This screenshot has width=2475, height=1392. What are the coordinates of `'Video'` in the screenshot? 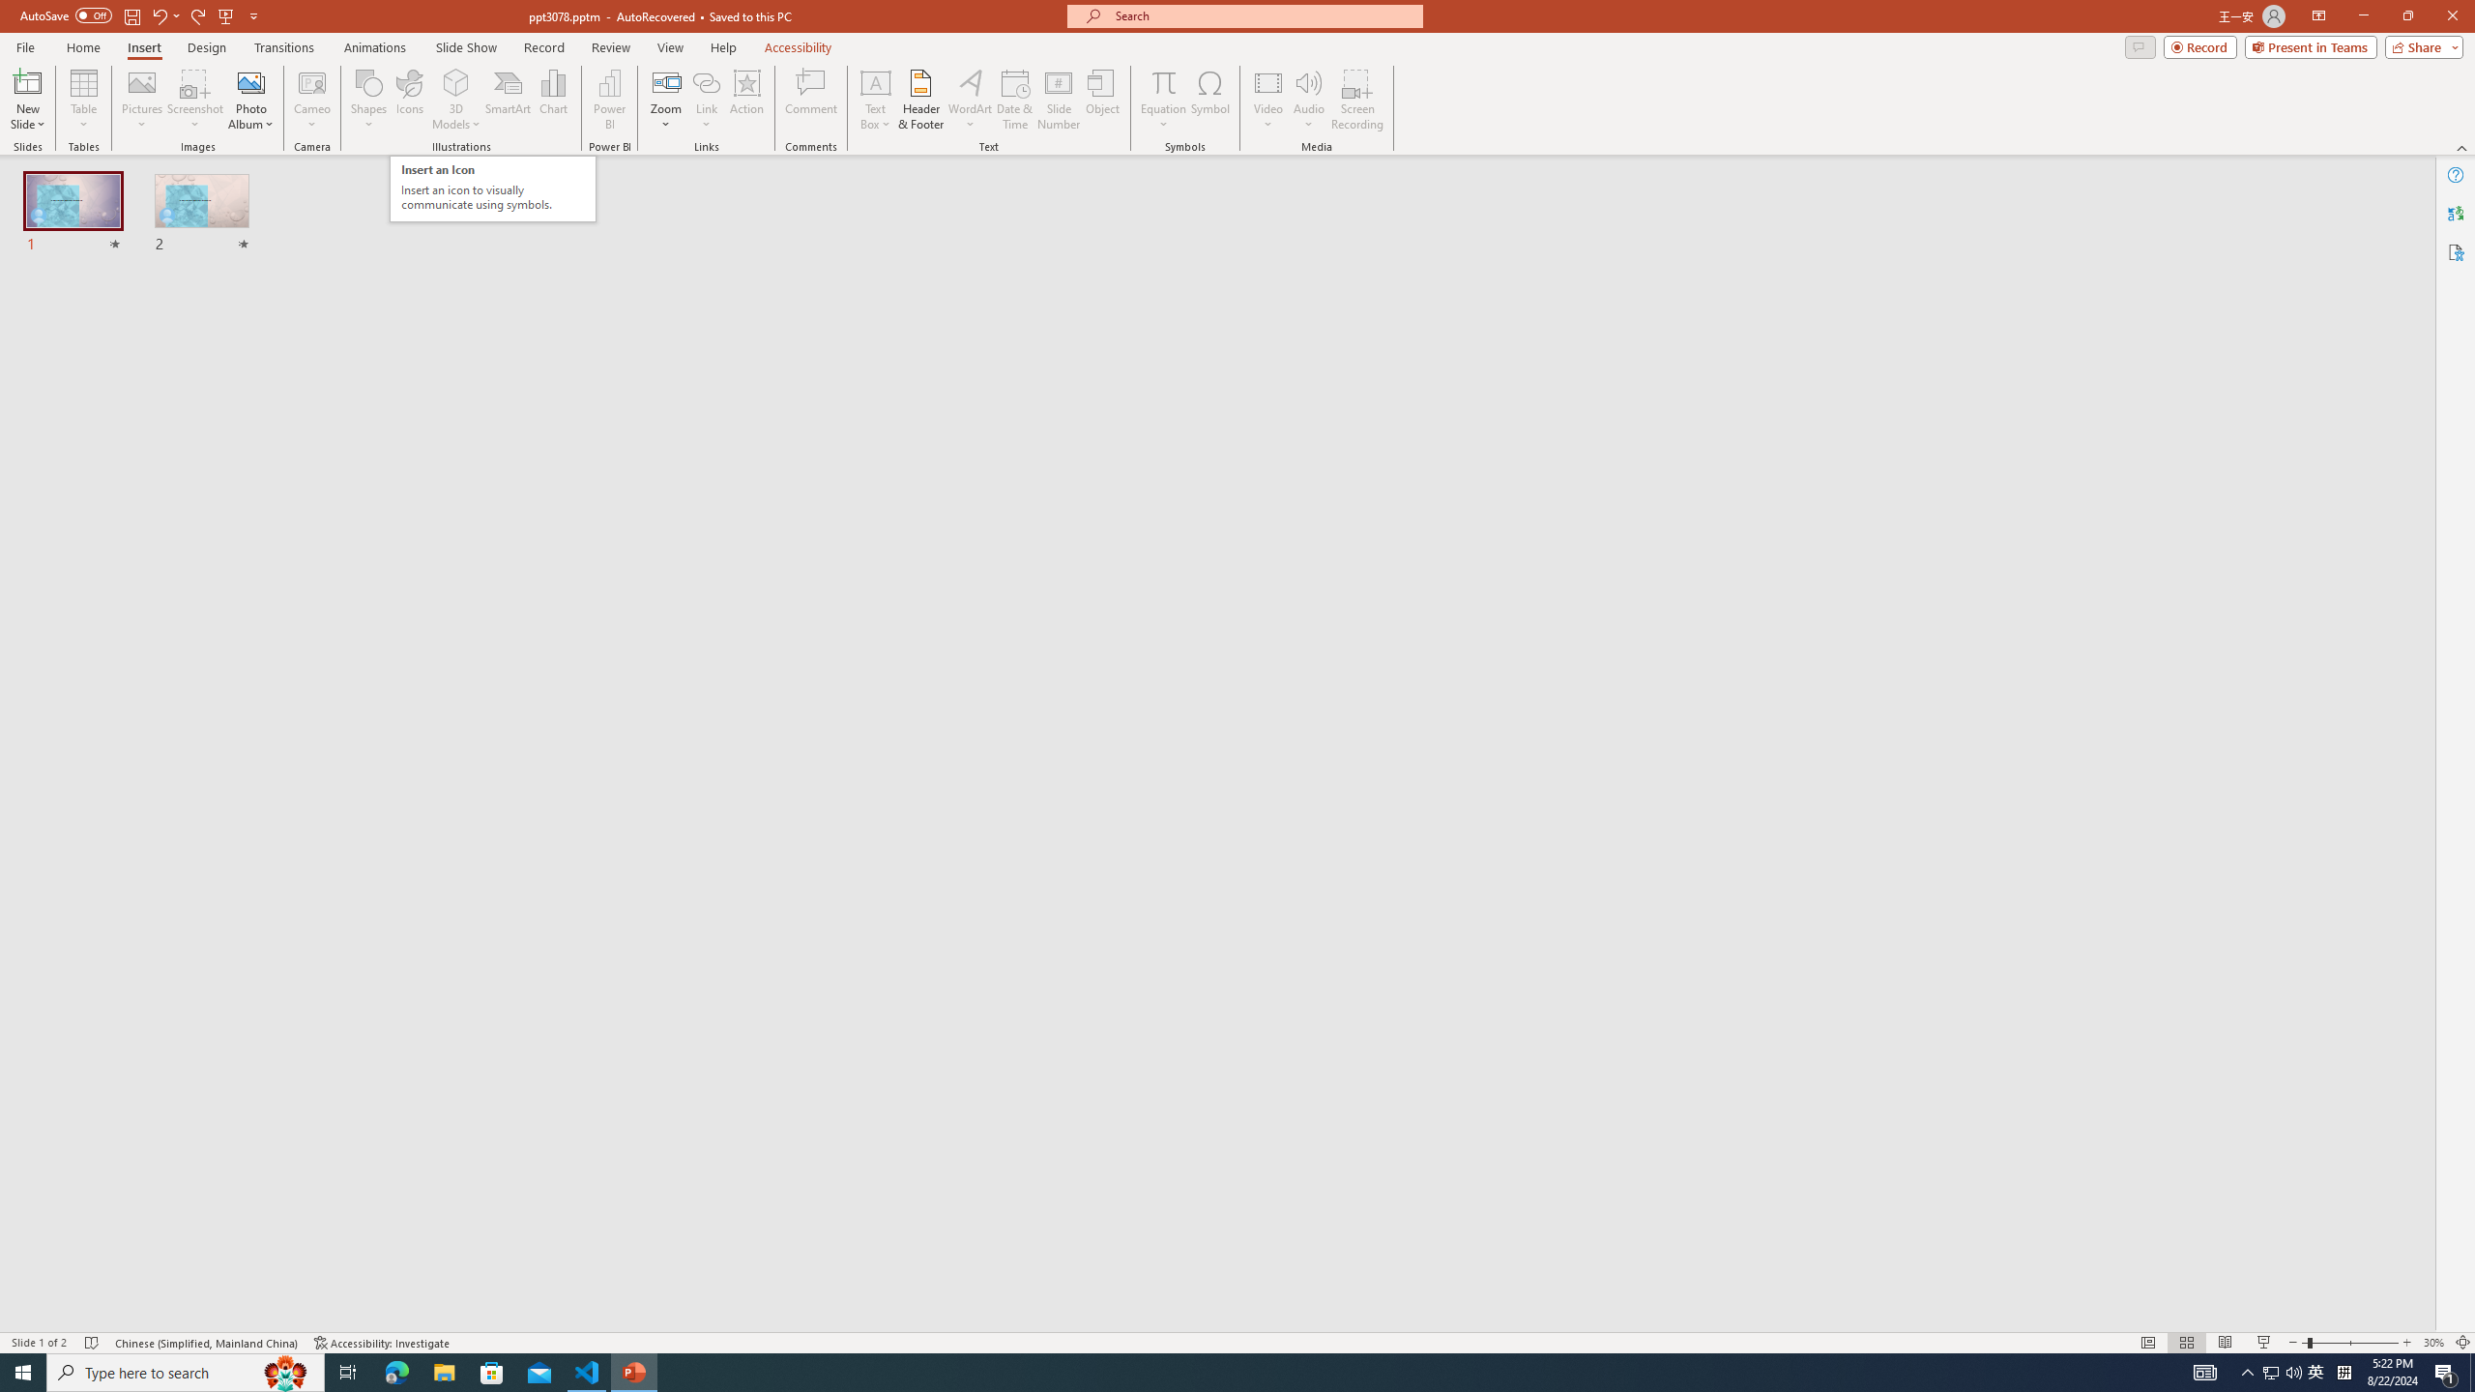 It's located at (1268, 100).